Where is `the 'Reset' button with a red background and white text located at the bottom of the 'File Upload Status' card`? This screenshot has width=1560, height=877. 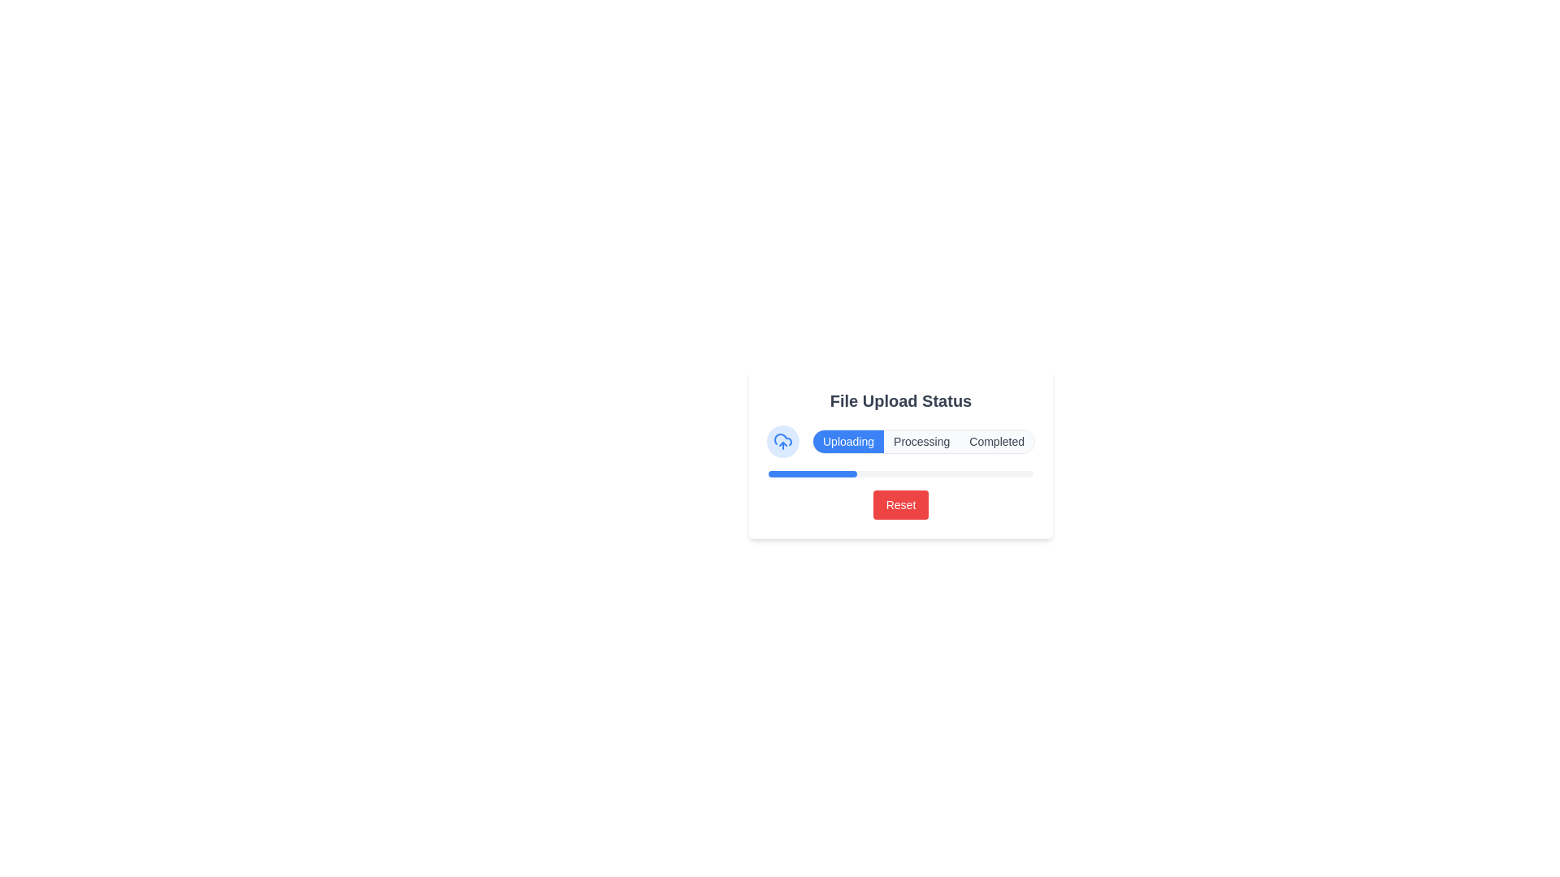 the 'Reset' button with a red background and white text located at the bottom of the 'File Upload Status' card is located at coordinates (899, 503).